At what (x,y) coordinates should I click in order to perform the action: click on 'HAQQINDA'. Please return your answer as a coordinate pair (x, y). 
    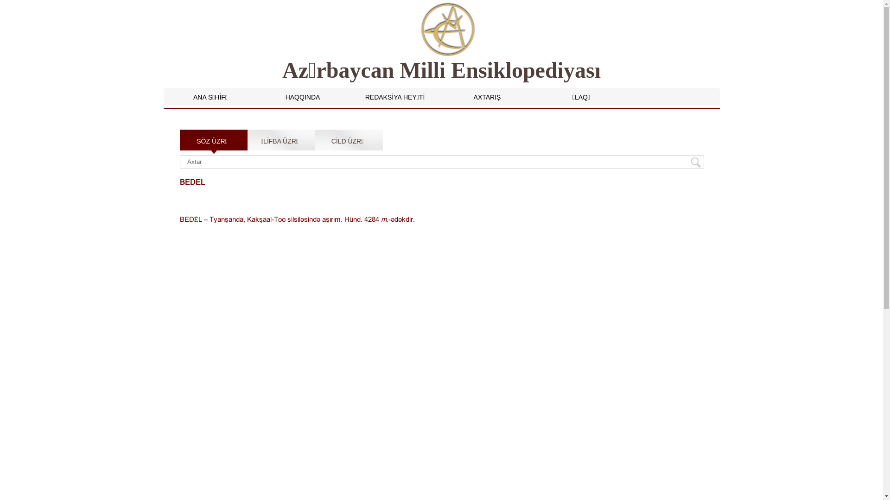
    Looking at the image, I should click on (303, 97).